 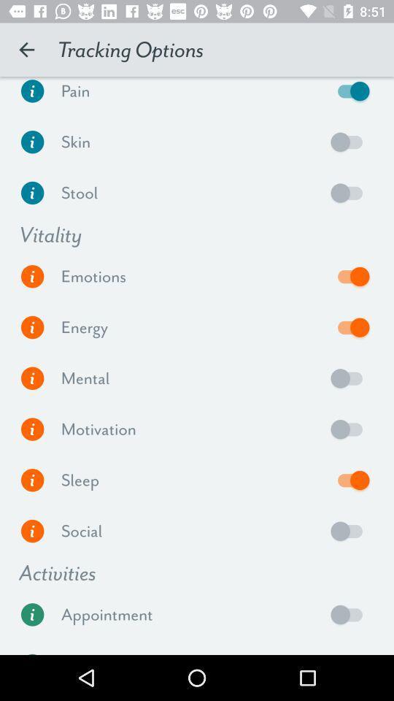 What do you see at coordinates (349, 327) in the screenshot?
I see `energy` at bounding box center [349, 327].